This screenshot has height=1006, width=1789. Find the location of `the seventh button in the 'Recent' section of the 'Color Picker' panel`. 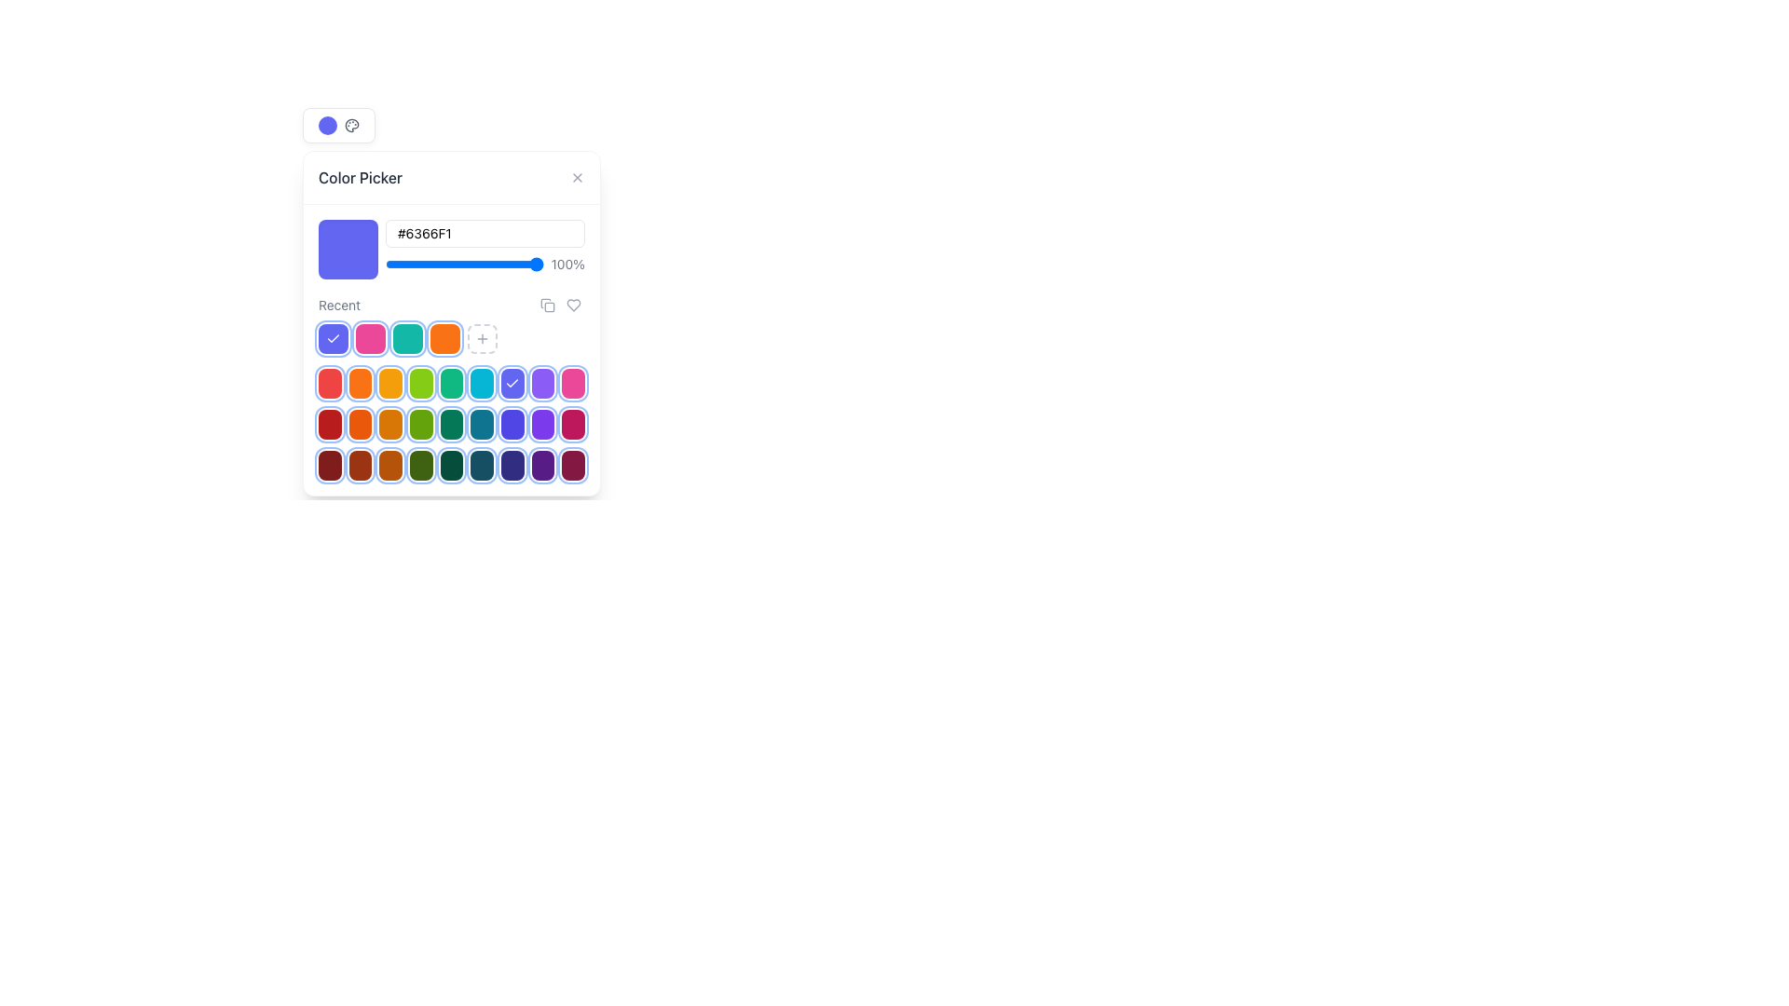

the seventh button in the 'Recent' section of the 'Color Picker' panel is located at coordinates (512, 465).